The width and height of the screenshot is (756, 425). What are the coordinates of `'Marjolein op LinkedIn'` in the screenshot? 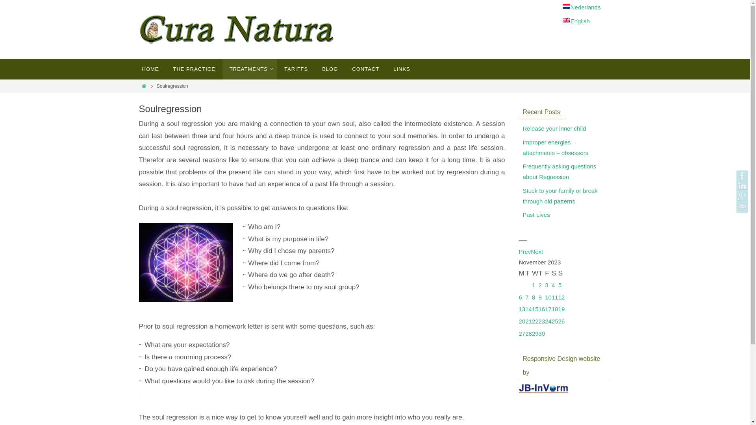 It's located at (742, 187).